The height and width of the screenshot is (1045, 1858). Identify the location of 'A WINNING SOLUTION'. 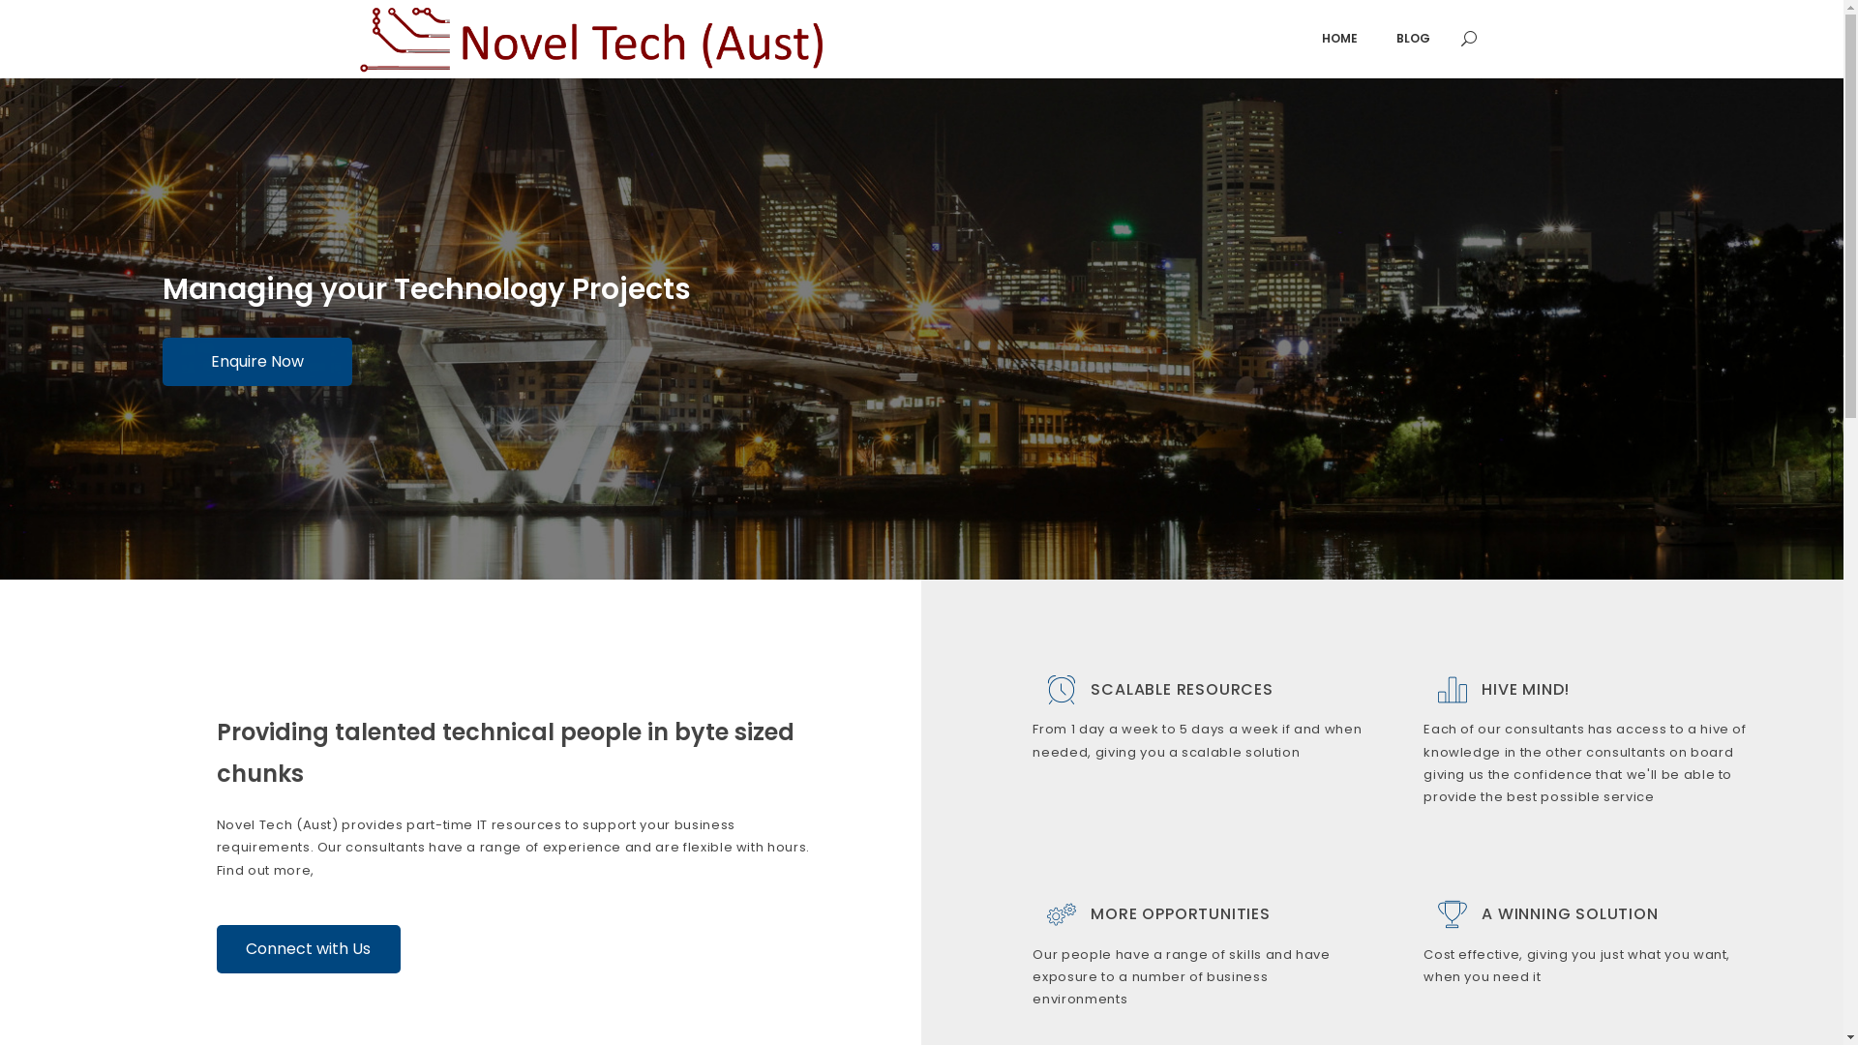
(1570, 913).